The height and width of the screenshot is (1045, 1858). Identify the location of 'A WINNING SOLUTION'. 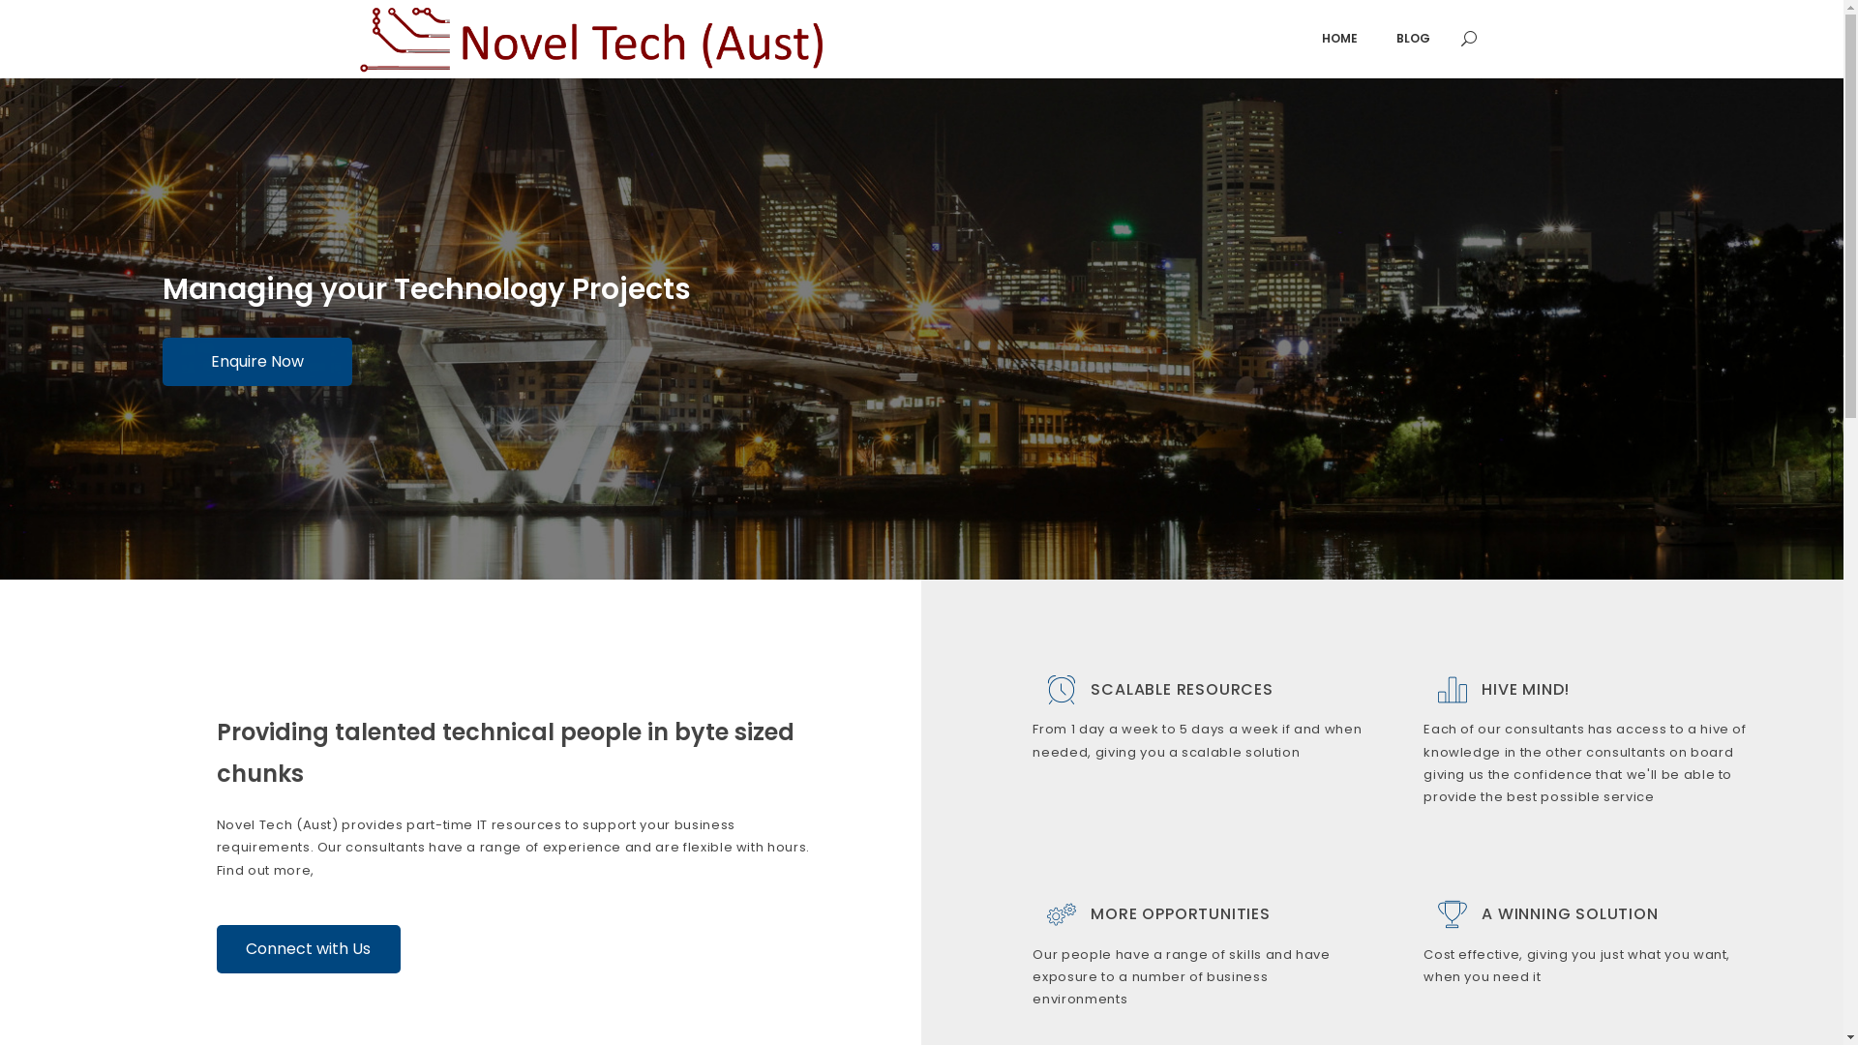
(1570, 913).